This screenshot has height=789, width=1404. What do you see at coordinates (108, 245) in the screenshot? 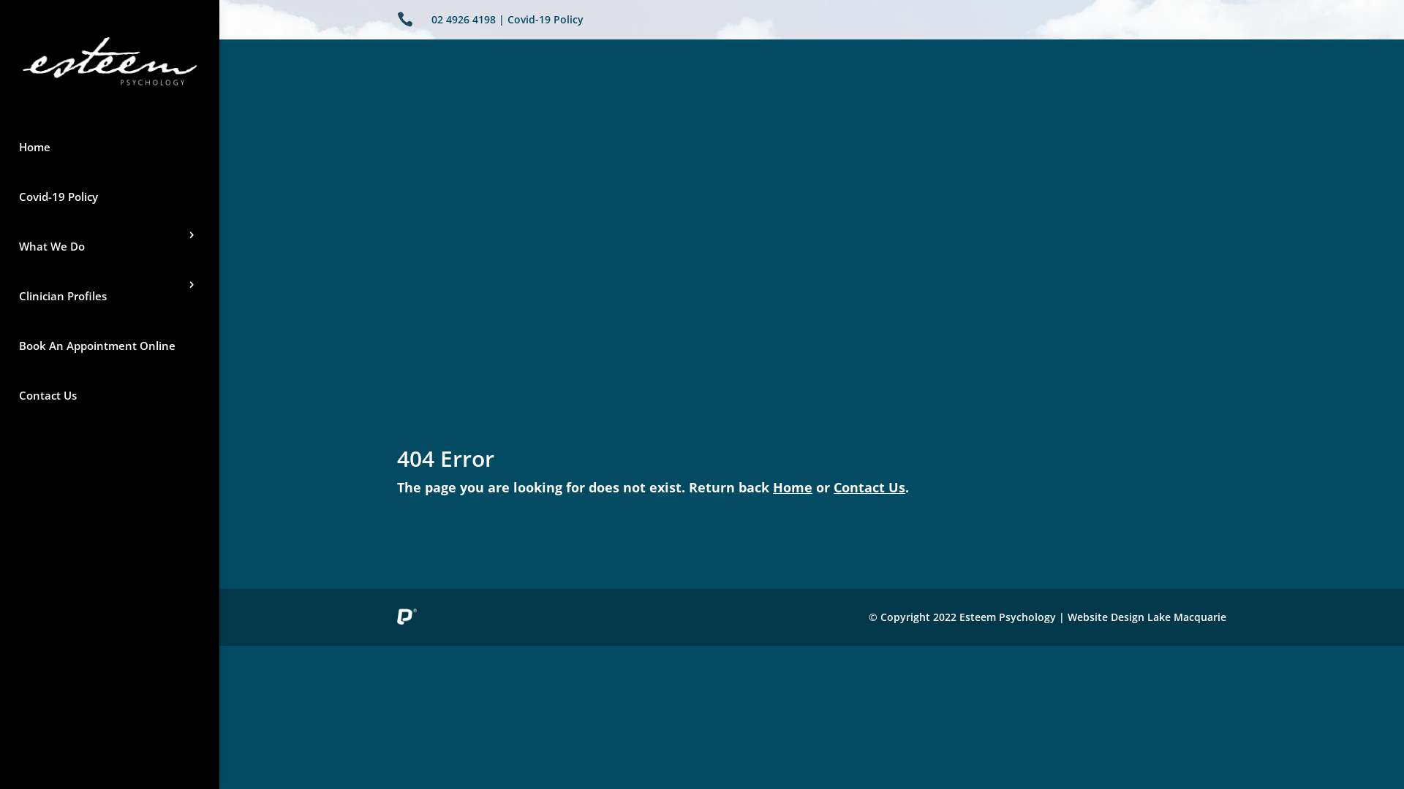
I see `'What We Do'` at bounding box center [108, 245].